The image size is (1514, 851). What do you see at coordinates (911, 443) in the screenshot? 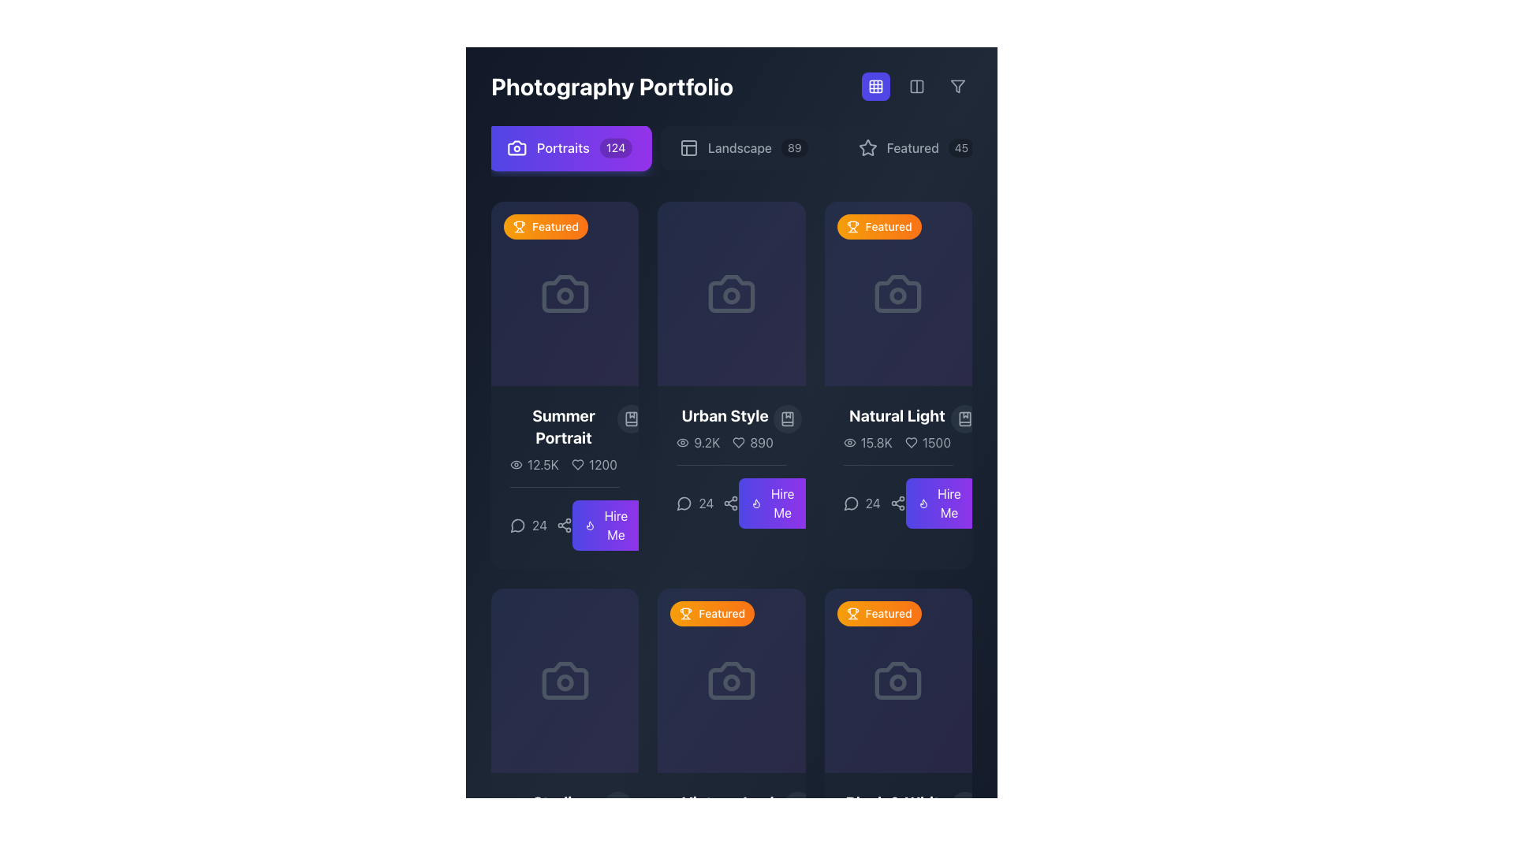
I see `the heart icon, which represents the 'like' feature and is located to the left of the text '1500' in the bottom section of a card element` at bounding box center [911, 443].